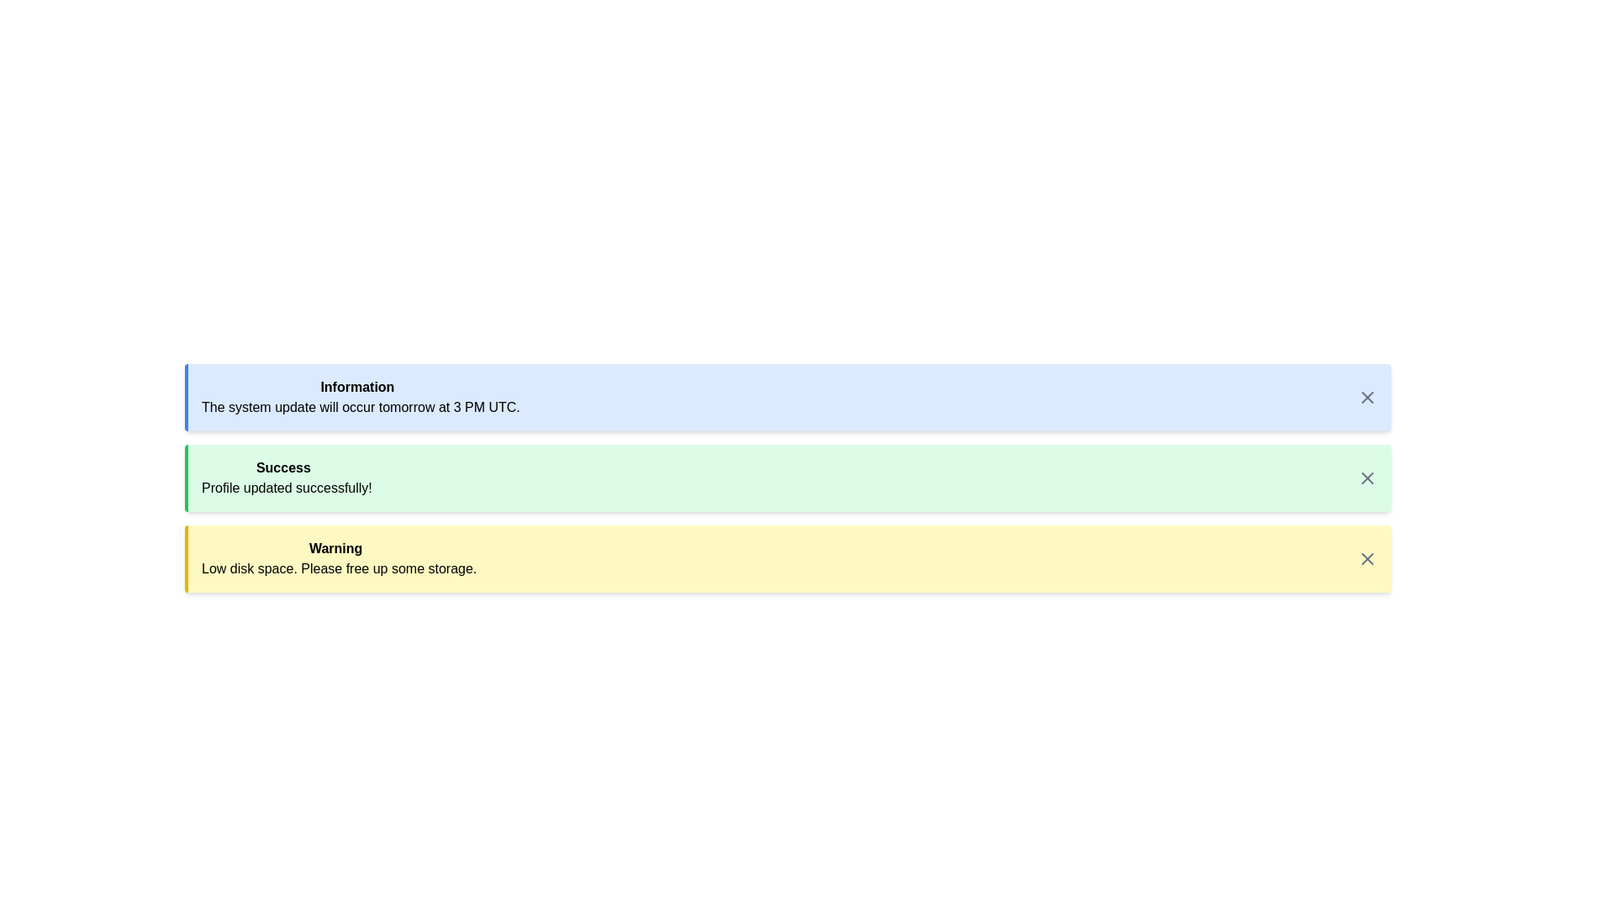 The image size is (1614, 908). I want to click on the close button, represented by a gray cross icon, located in the upper-right corner of the green notification box that displays 'Success Profile updated successfully!', so click(1368, 478).